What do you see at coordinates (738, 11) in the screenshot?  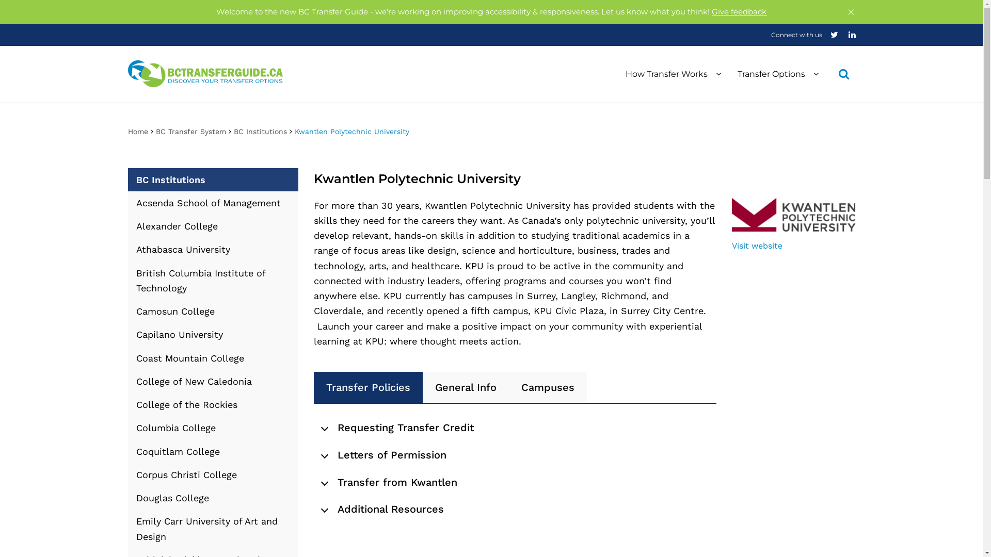 I see `'Give feedback'` at bounding box center [738, 11].